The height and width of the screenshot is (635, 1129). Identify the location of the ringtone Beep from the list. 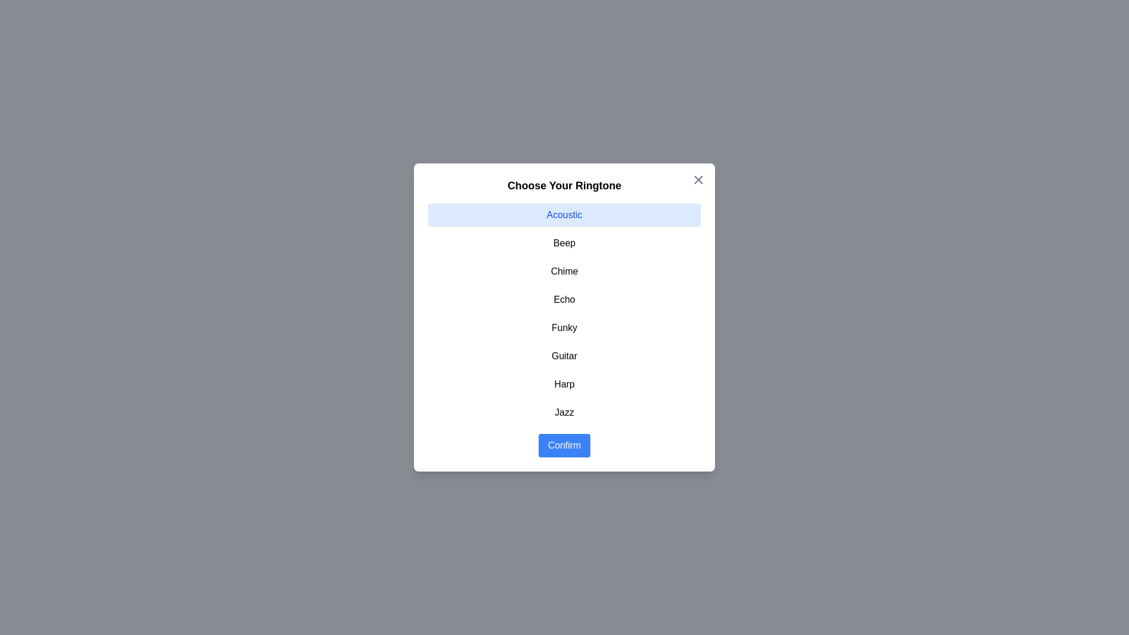
(564, 242).